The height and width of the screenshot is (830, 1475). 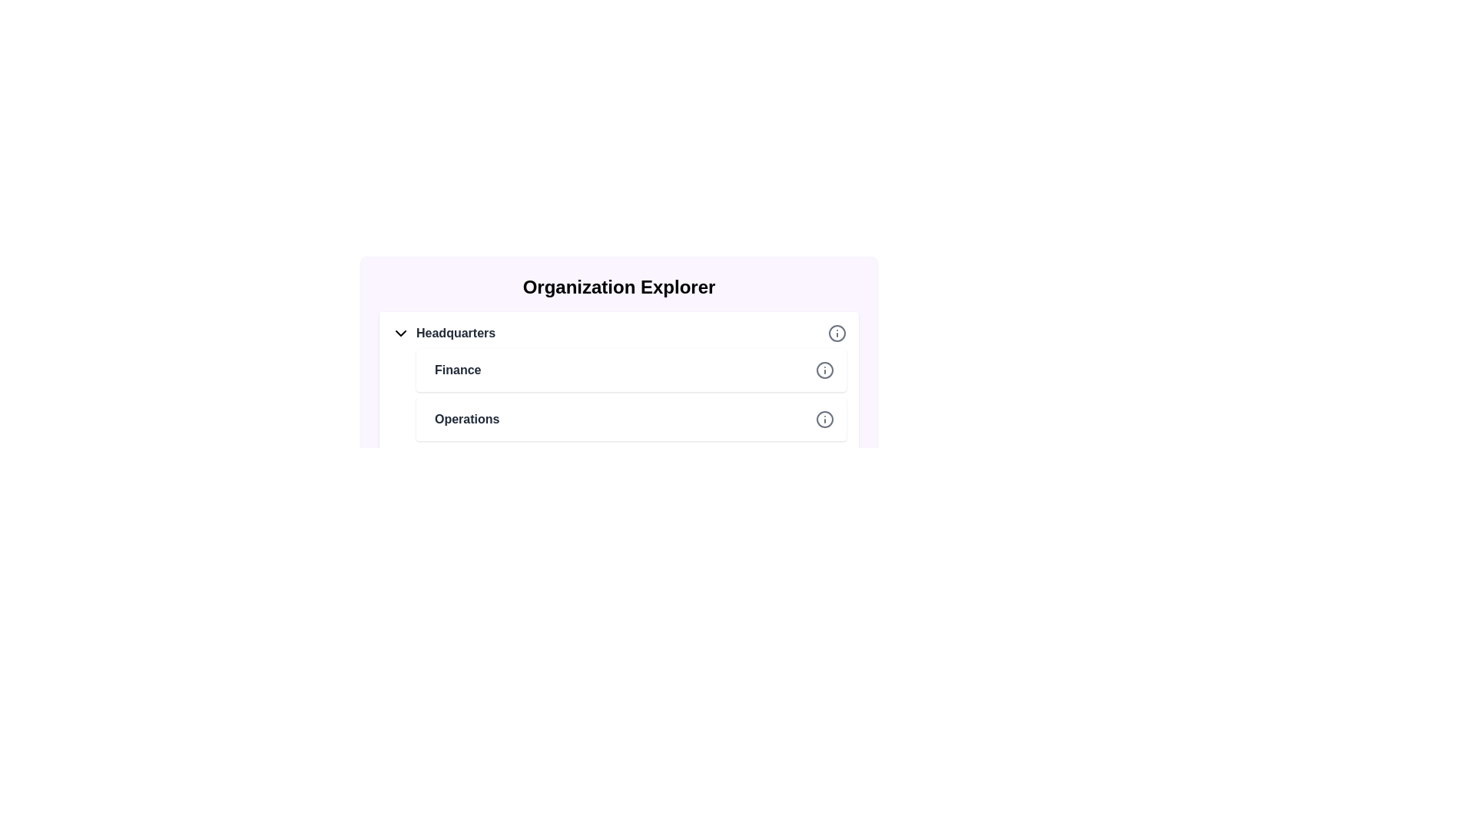 What do you see at coordinates (824, 420) in the screenshot?
I see `the icon located at the rightmost side of the 'Operations' row` at bounding box center [824, 420].